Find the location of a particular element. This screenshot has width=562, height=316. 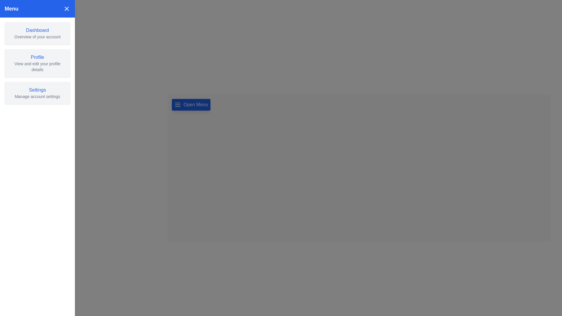

the clickable navigation card or label that serves as a link is located at coordinates (37, 33).